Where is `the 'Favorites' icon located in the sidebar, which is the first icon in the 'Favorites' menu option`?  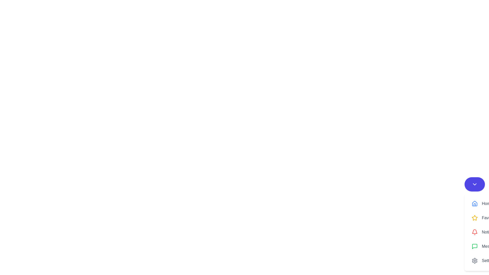
the 'Favorites' icon located in the sidebar, which is the first icon in the 'Favorites' menu option is located at coordinates (474, 218).